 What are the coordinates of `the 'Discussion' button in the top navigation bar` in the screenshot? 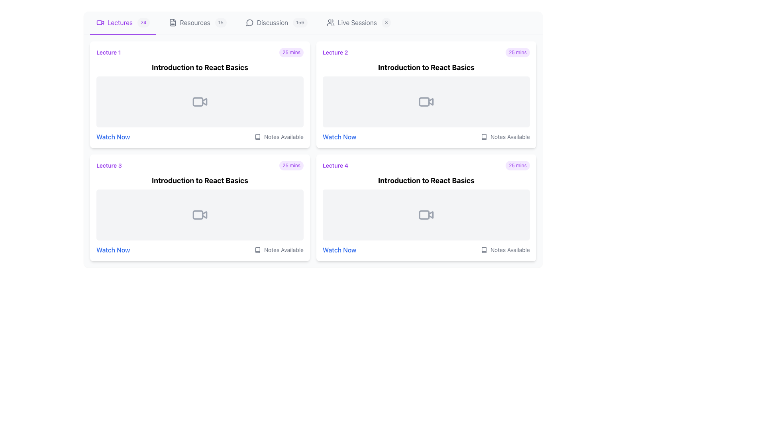 It's located at (277, 22).